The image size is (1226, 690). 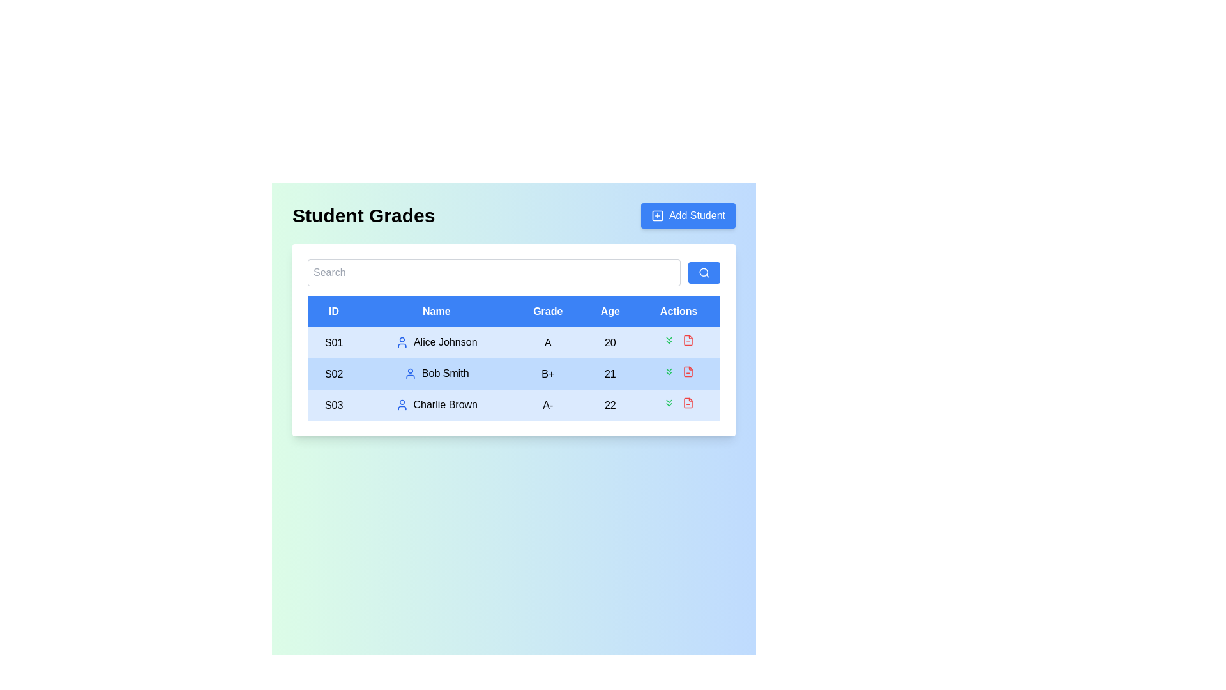 What do you see at coordinates (410, 374) in the screenshot?
I see `the profile icon located to the left of 'Bob Smith' in the 'Name' column` at bounding box center [410, 374].